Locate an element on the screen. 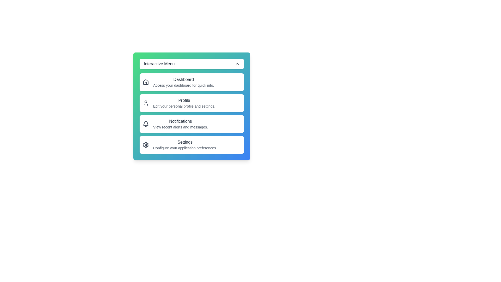 The image size is (501, 282). toggle button to change the visibility of the menu is located at coordinates (191, 64).